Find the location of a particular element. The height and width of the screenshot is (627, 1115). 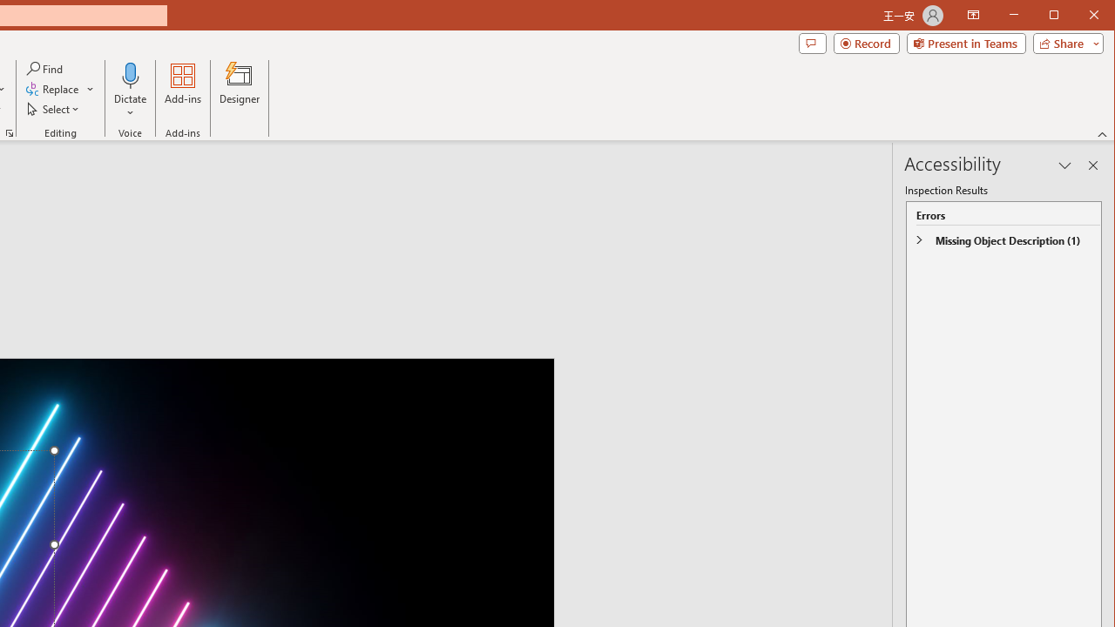

'Dictate' is located at coordinates (130, 74).